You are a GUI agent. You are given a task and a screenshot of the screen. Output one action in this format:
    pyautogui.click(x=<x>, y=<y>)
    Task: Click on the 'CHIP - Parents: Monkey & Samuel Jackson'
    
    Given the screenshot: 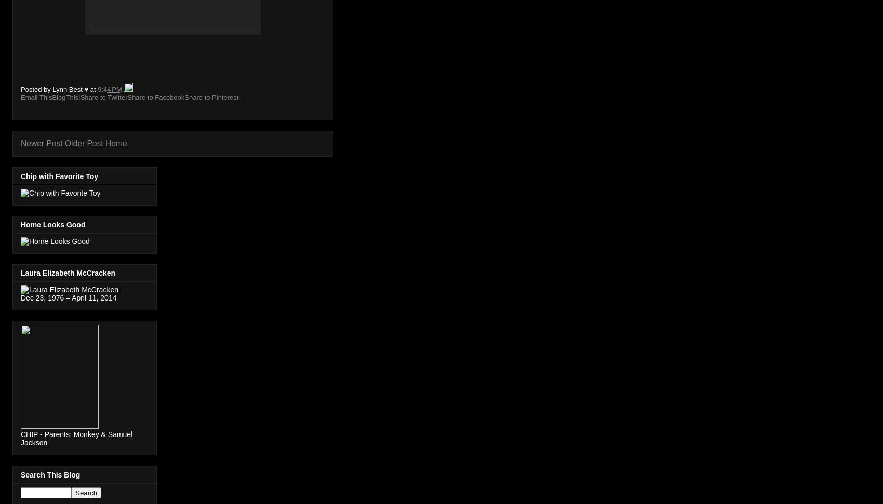 What is the action you would take?
    pyautogui.click(x=76, y=438)
    